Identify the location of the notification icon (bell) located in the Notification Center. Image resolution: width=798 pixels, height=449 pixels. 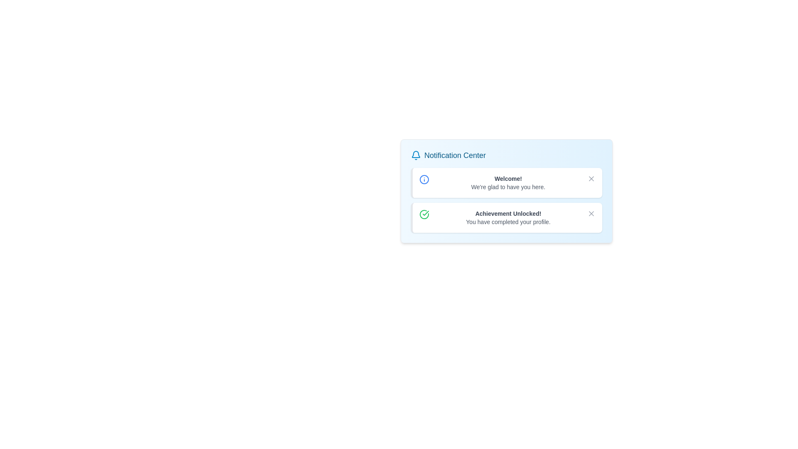
(416, 155).